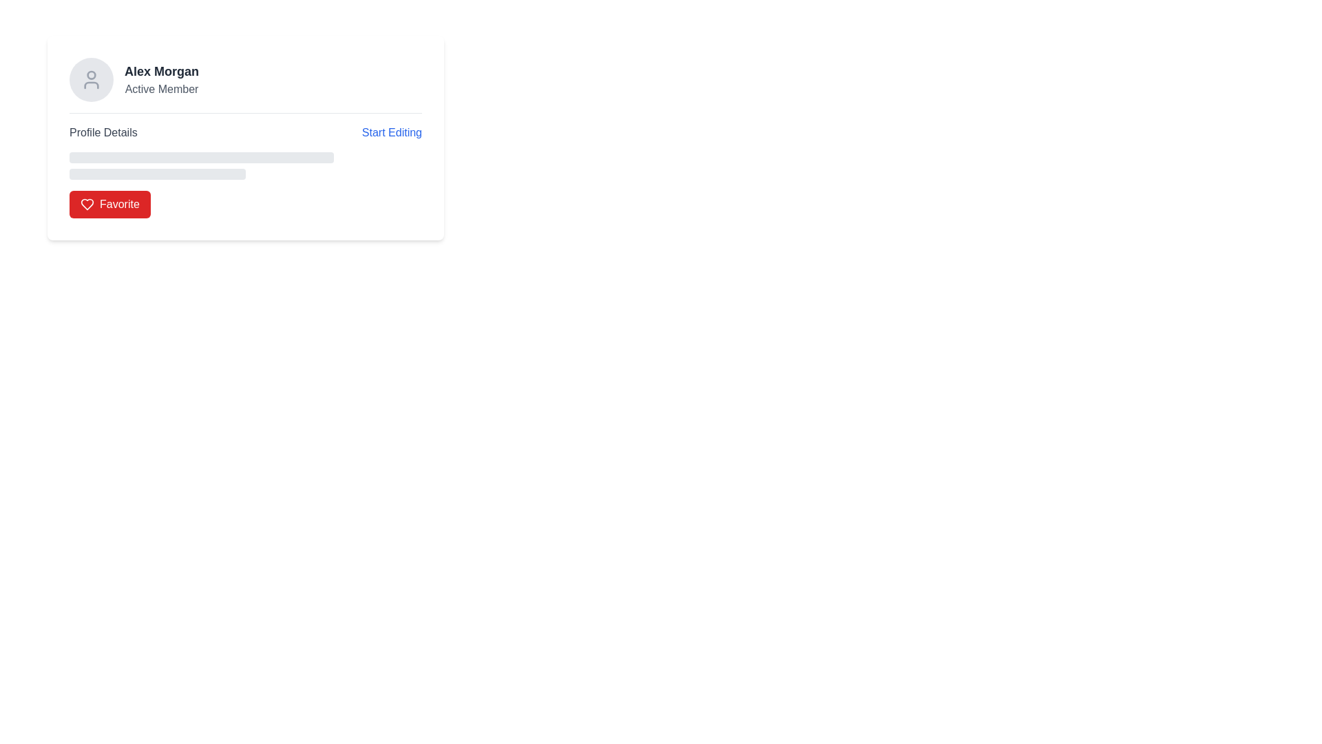 Image resolution: width=1322 pixels, height=744 pixels. What do you see at coordinates (103, 132) in the screenshot?
I see `the profile header text label` at bounding box center [103, 132].